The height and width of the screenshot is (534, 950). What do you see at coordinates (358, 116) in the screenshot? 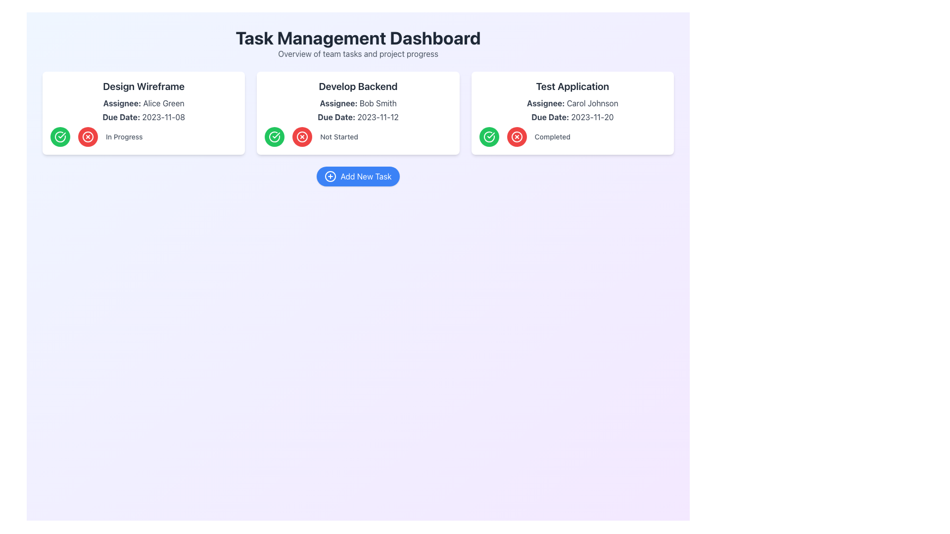
I see `the due date information text label located in the lower-middle section of the 'Develop Backend' task card, which is positioned below the assignee's information and above the status message 'Not Started'` at bounding box center [358, 116].